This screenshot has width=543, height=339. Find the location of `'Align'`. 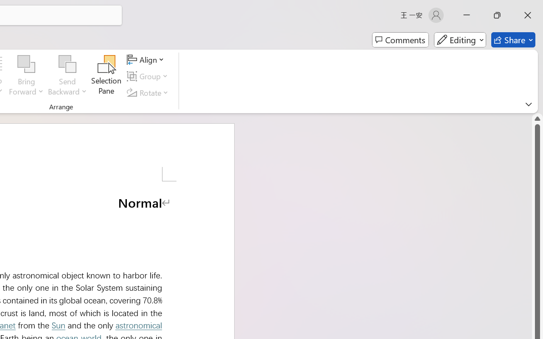

'Align' is located at coordinates (147, 60).